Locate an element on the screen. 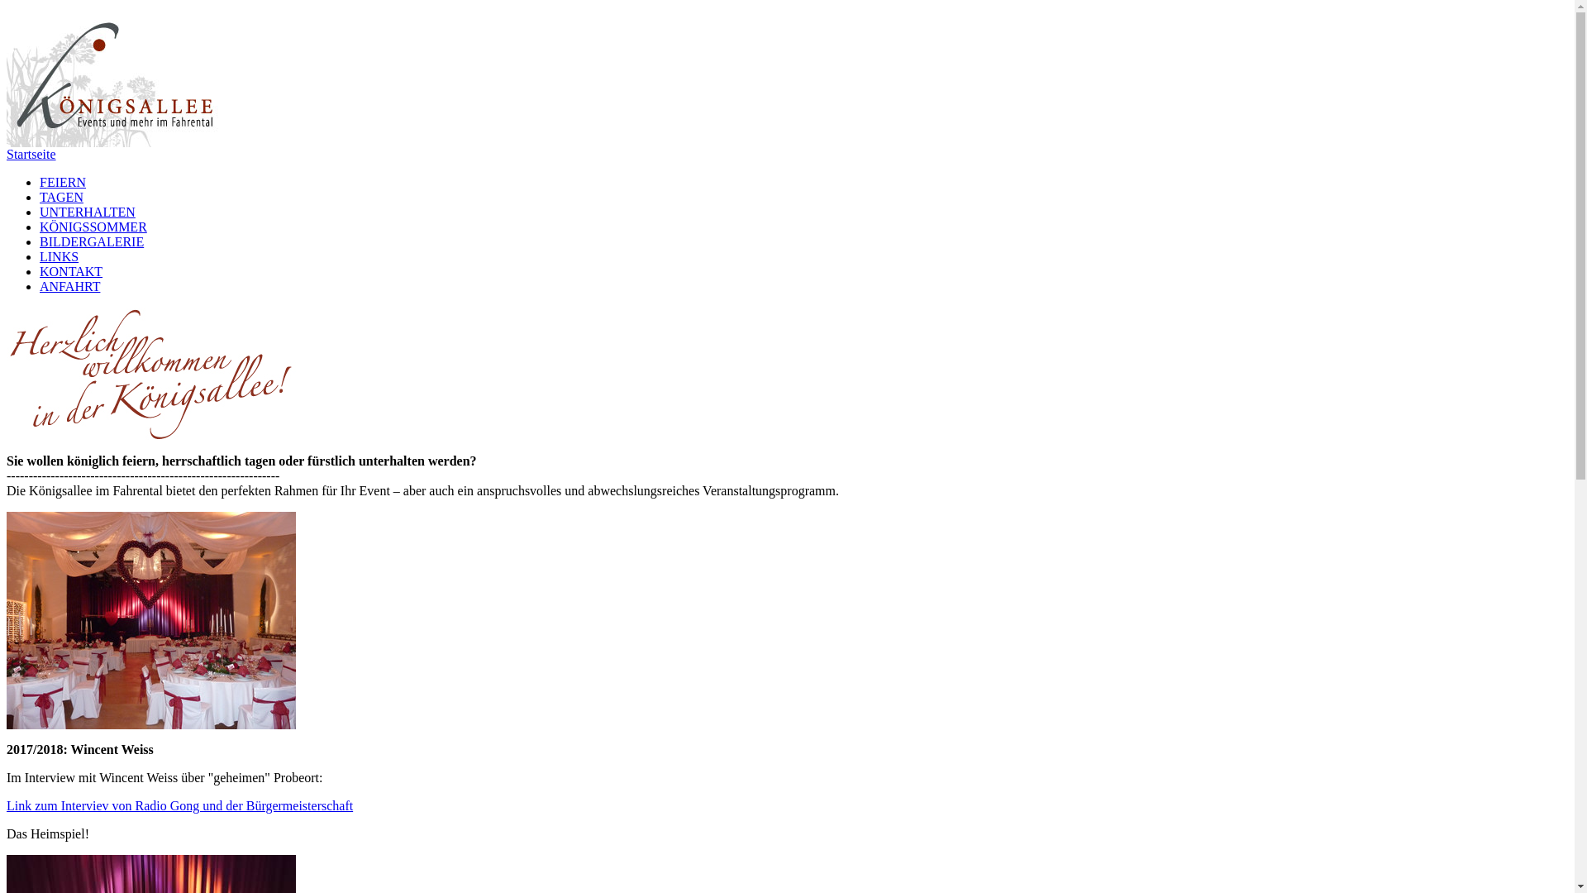 Image resolution: width=1587 pixels, height=893 pixels. 'LINKS' is located at coordinates (40, 256).